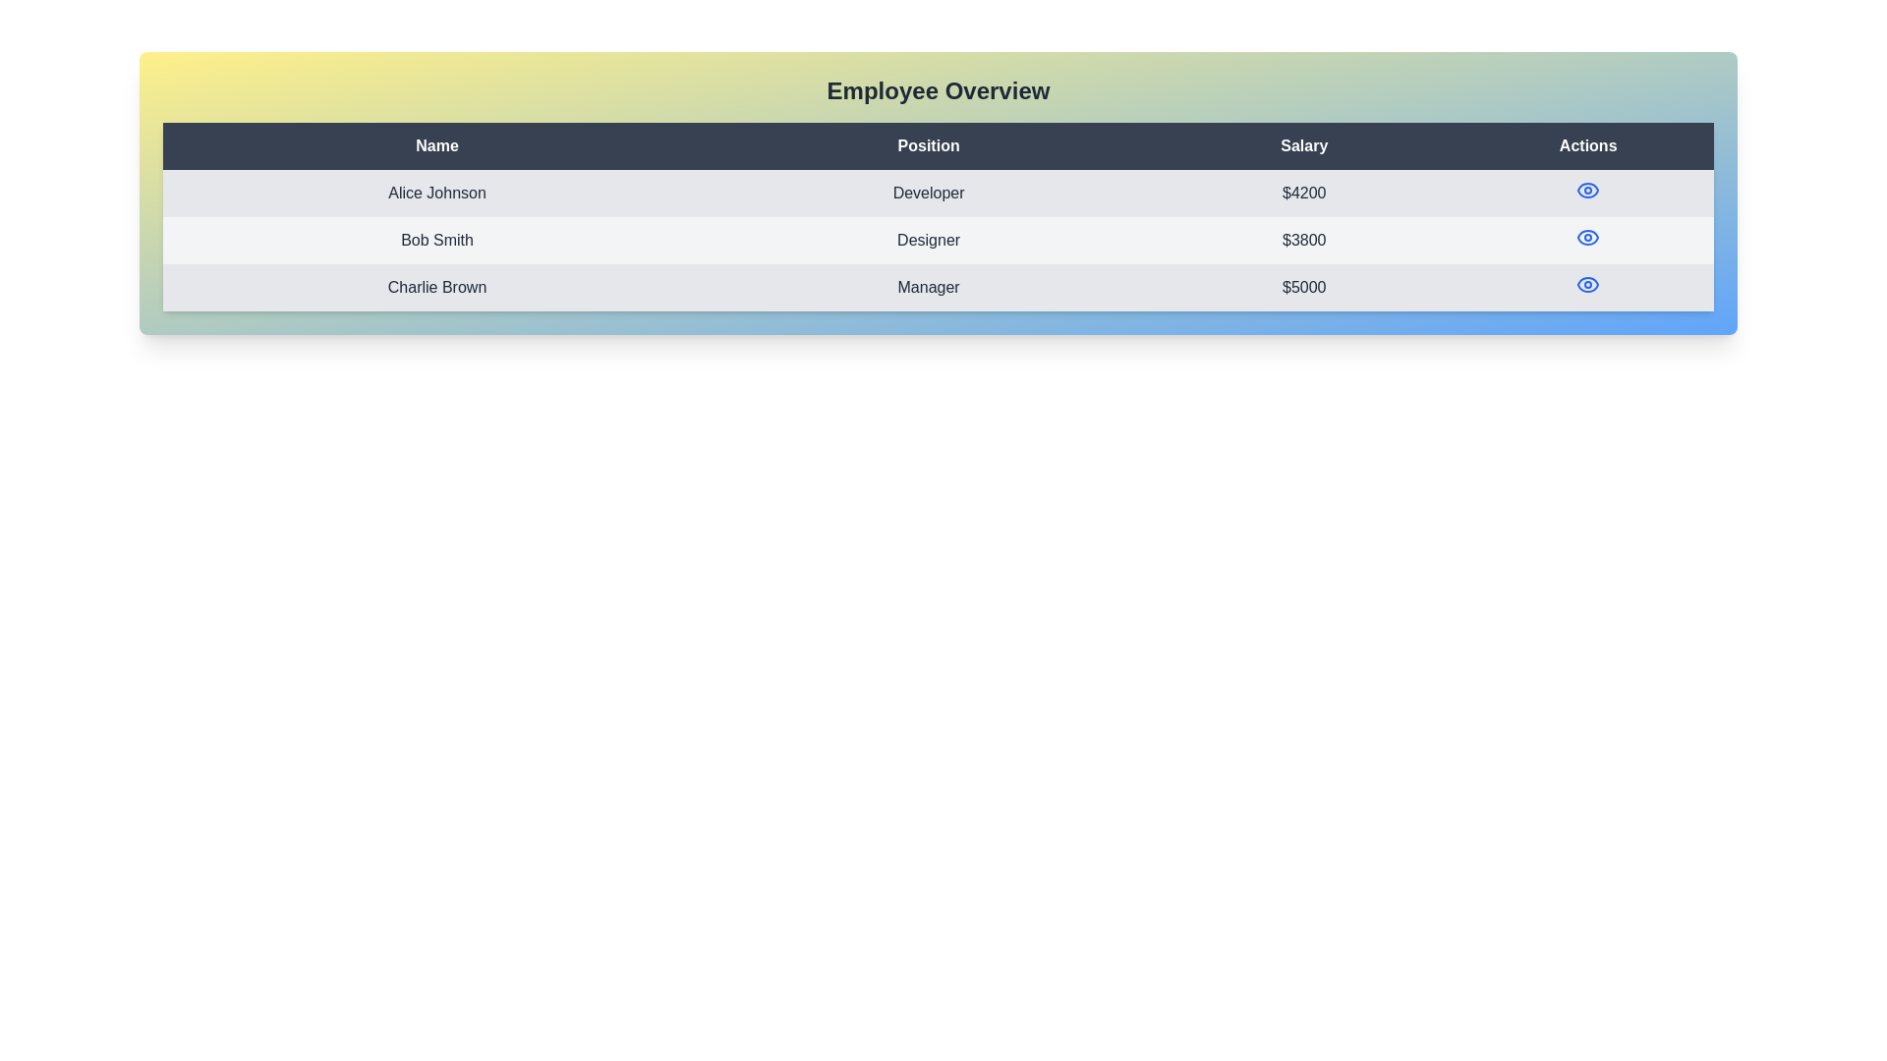  Describe the element at coordinates (436, 145) in the screenshot. I see `the 'Name' column header in the table, which is the first header in the top-left corner of the header row, indicating data related to names` at that location.